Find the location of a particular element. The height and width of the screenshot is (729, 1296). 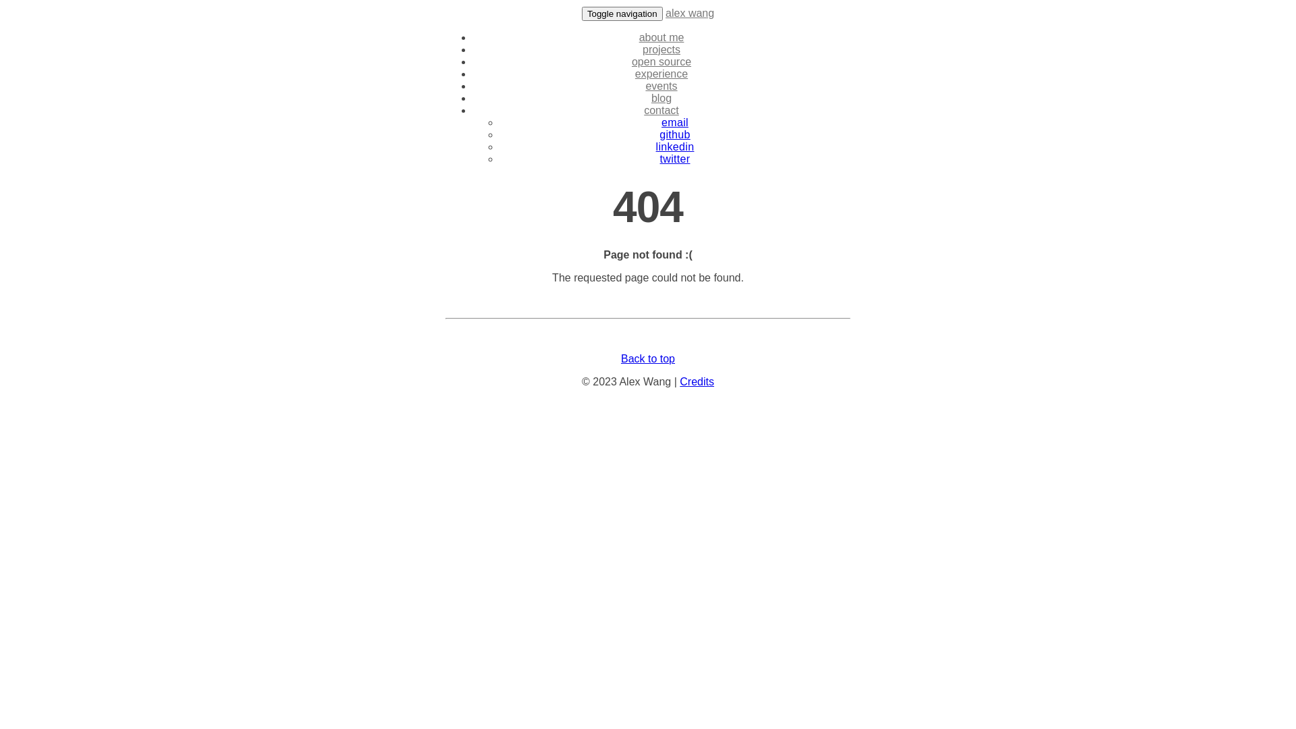

'linkedin' is located at coordinates (675, 146).